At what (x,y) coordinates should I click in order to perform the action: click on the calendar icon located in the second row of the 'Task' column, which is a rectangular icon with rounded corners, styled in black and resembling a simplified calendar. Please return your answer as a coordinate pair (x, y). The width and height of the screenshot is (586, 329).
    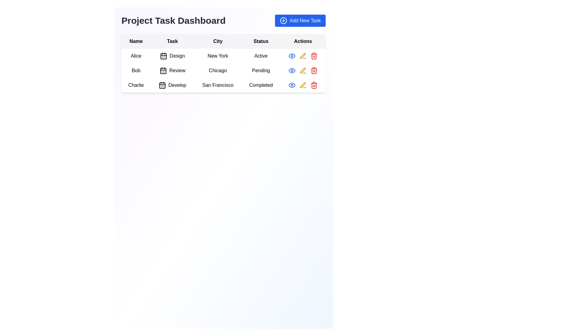
    Looking at the image, I should click on (163, 70).